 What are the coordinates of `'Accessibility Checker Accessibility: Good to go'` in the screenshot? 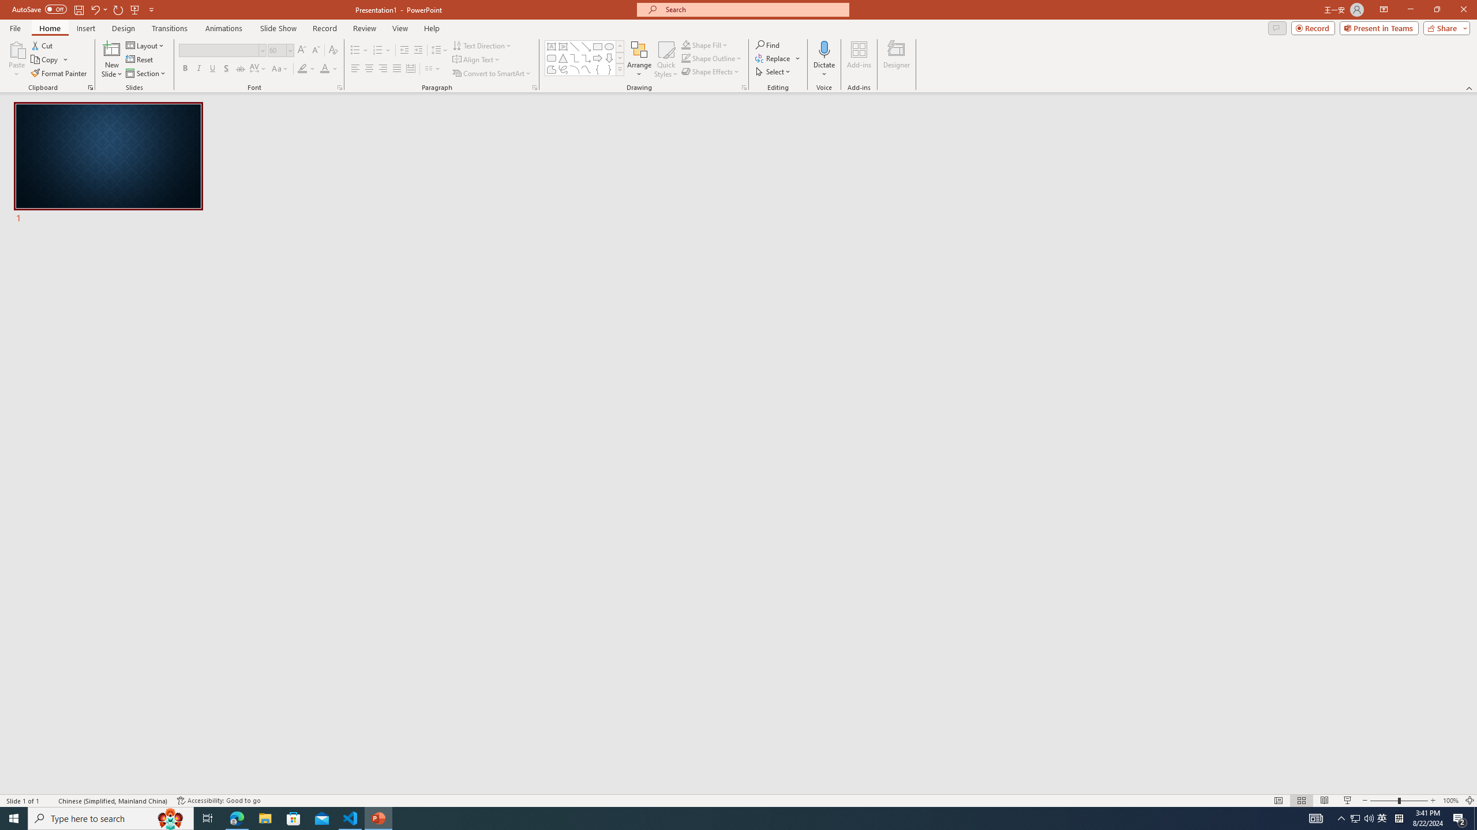 It's located at (219, 801).